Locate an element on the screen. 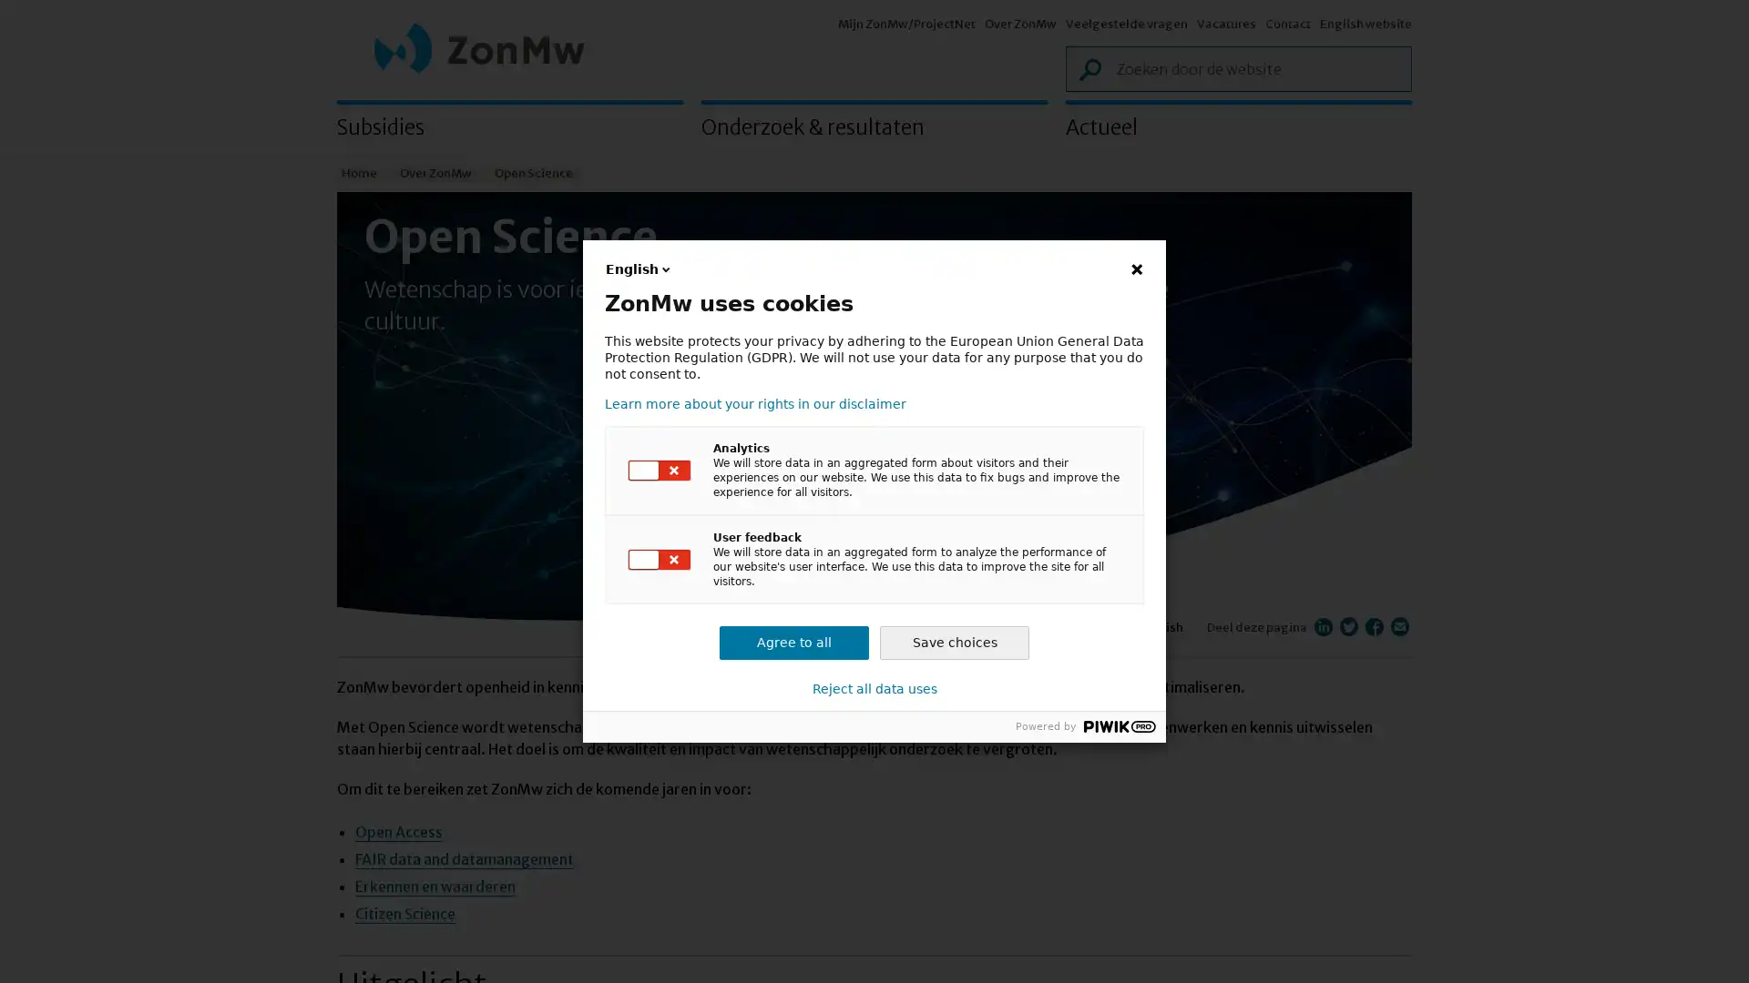 This screenshot has height=983, width=1749. Save choices is located at coordinates (953, 642).